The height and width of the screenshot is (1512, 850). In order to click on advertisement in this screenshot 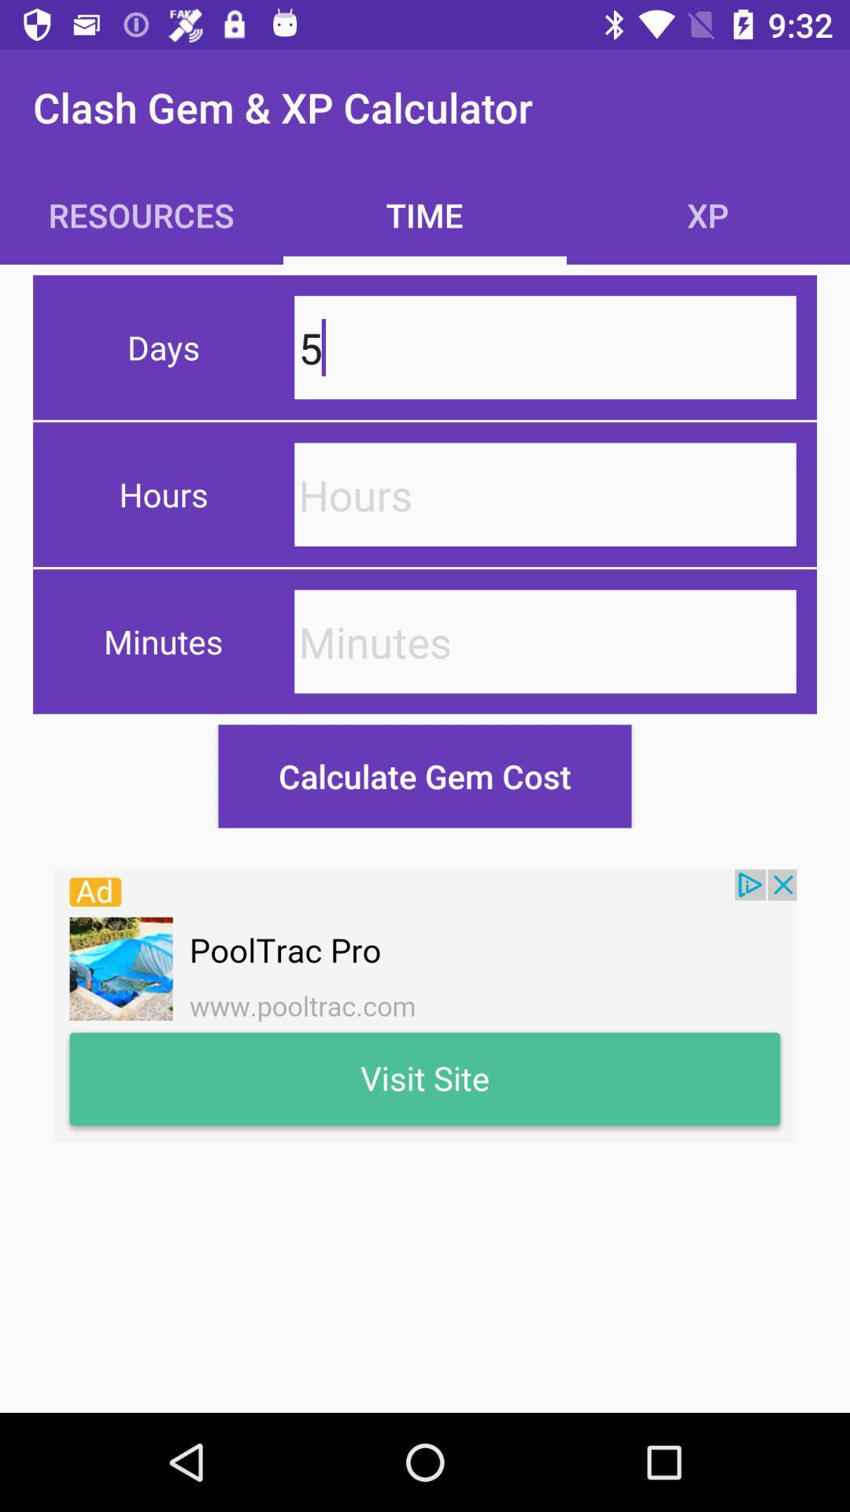, I will do `click(425, 1005)`.